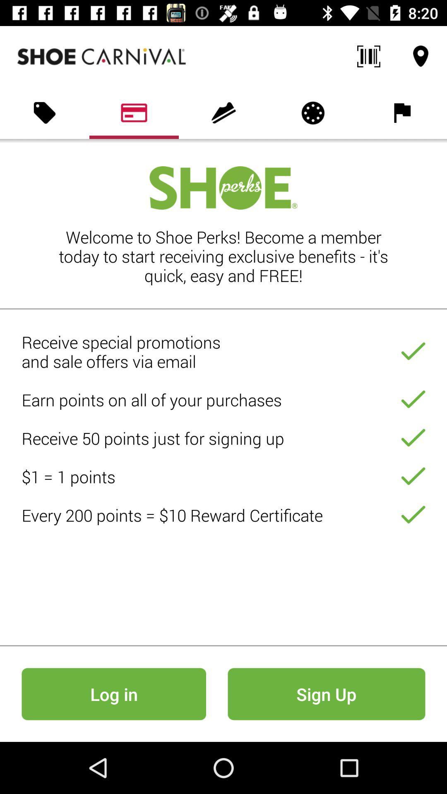  I want to click on item to the left of sign up icon, so click(114, 694).